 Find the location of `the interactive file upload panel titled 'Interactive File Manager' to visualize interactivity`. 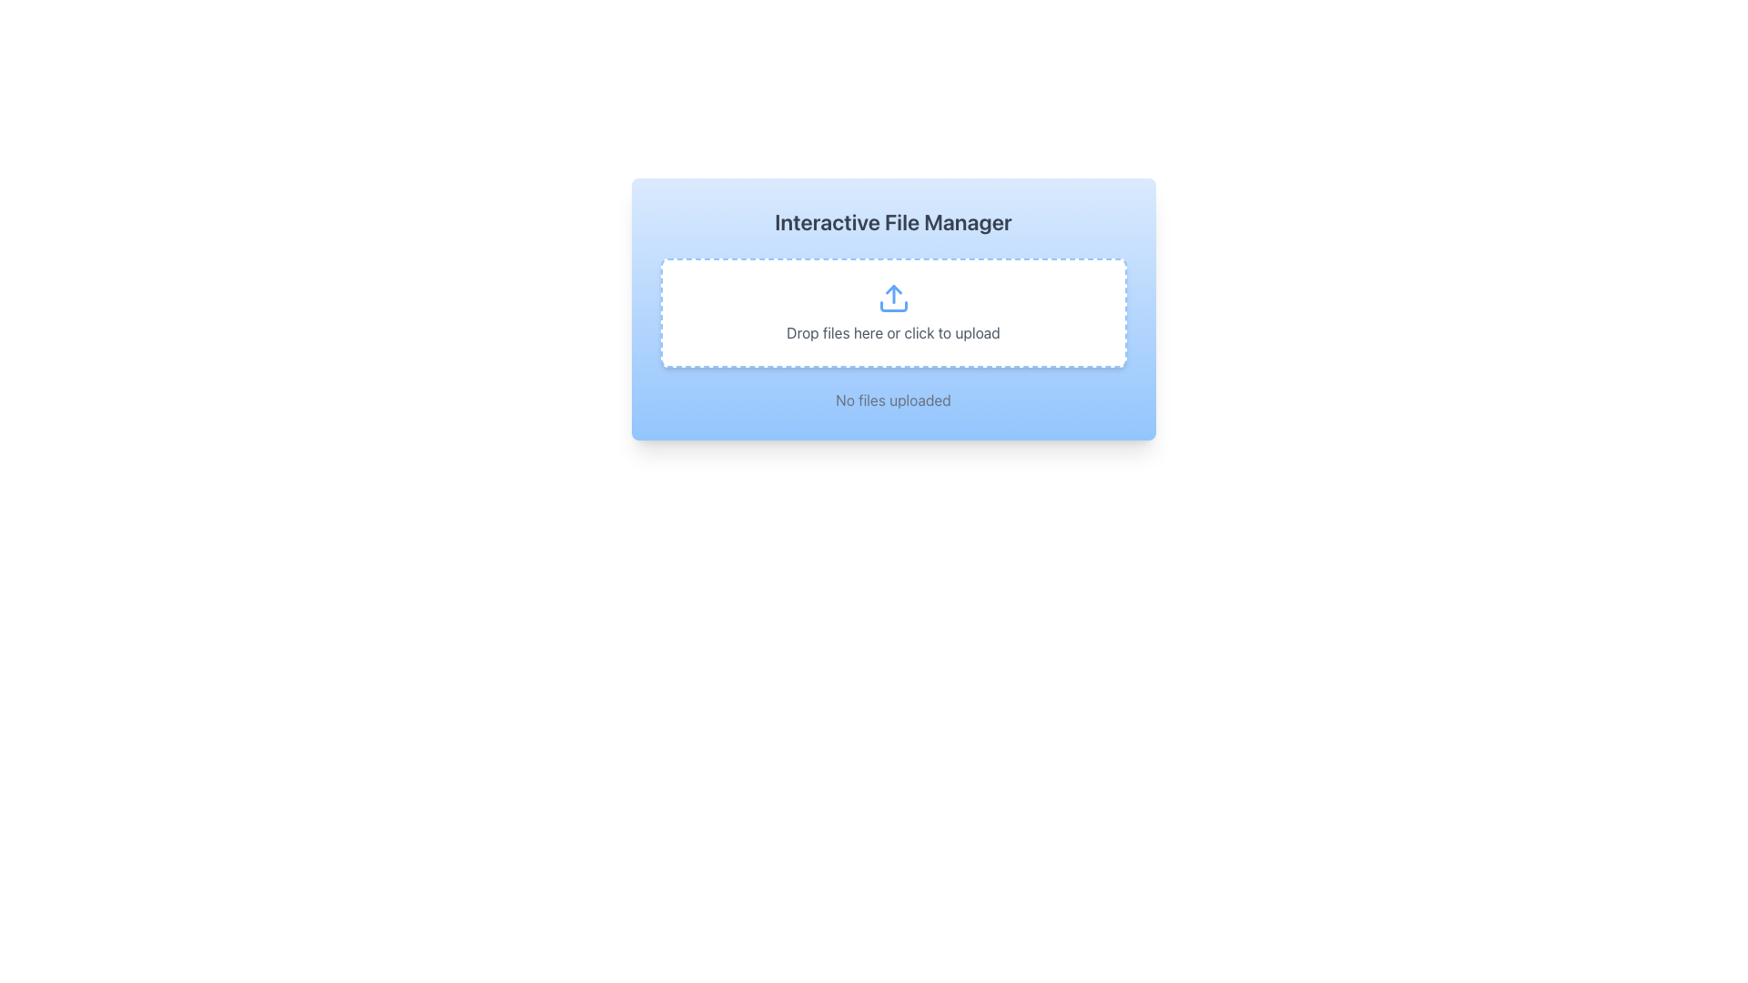

the interactive file upload panel titled 'Interactive File Manager' to visualize interactivity is located at coordinates (893, 308).